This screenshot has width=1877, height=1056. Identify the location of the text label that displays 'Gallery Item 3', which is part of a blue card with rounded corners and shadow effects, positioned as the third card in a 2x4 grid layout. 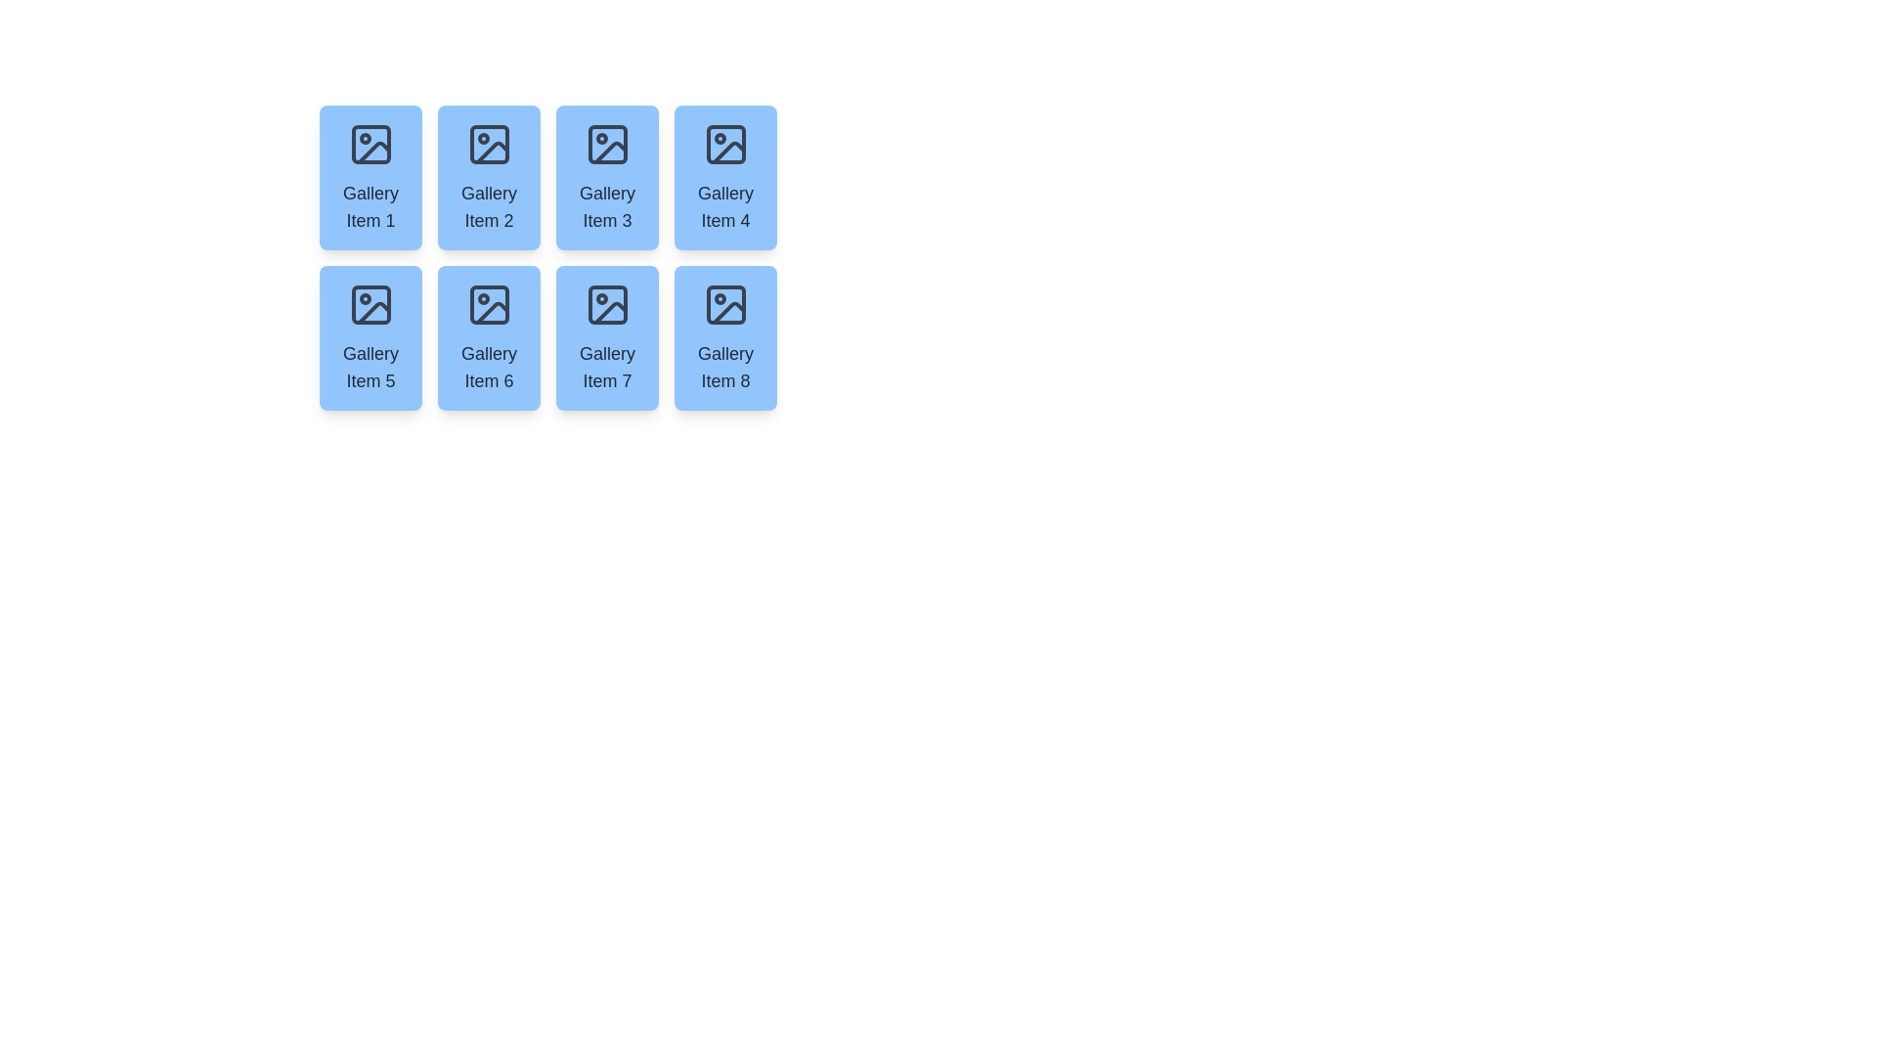
(606, 207).